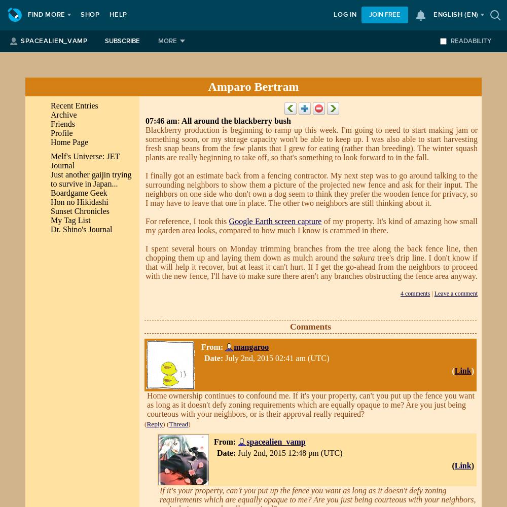 The height and width of the screenshot is (507, 507). I want to click on 'Blackberry production is beginning to ramp up this week. I'm going to need to start making jam or something soon, or my storage capacity won't be able to keep up. I was also able to start harvesting fresh snap beans from the few plants that I grew for eating (rather than breeding). The winter squash plants are really beginning to take off, so that's something to look forward to in the fall.', so click(311, 143).